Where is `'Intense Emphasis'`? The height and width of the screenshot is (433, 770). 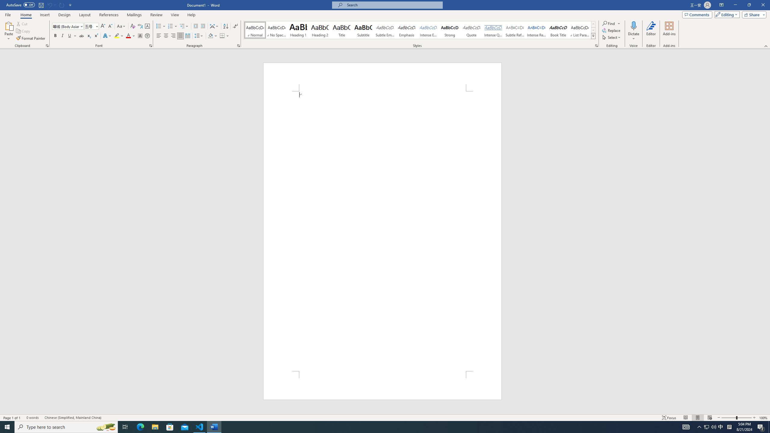 'Intense Emphasis' is located at coordinates (428, 30).